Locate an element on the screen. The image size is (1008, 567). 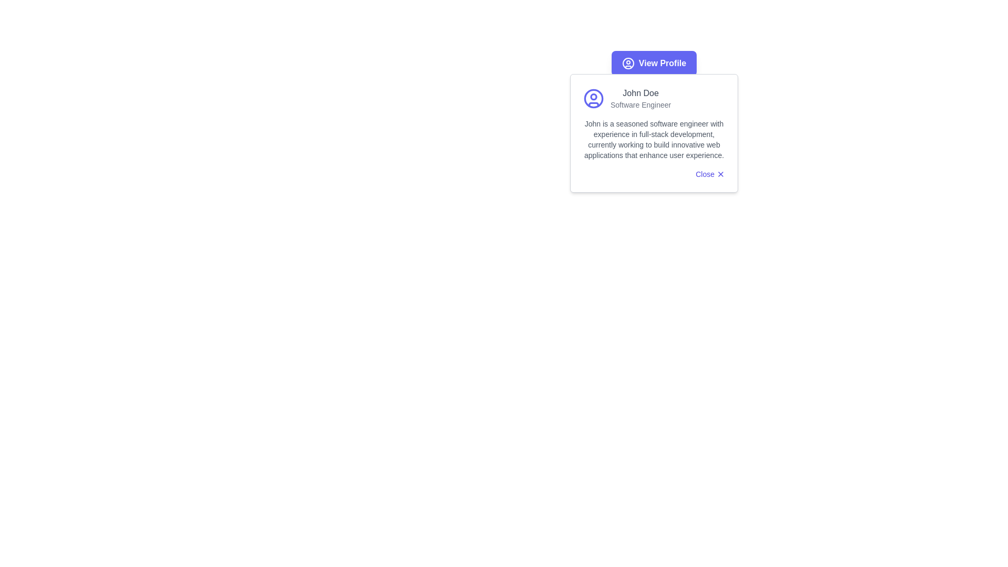
the blue 'View Profile' button with rounded corners located at the top of the modal card is located at coordinates (654, 63).